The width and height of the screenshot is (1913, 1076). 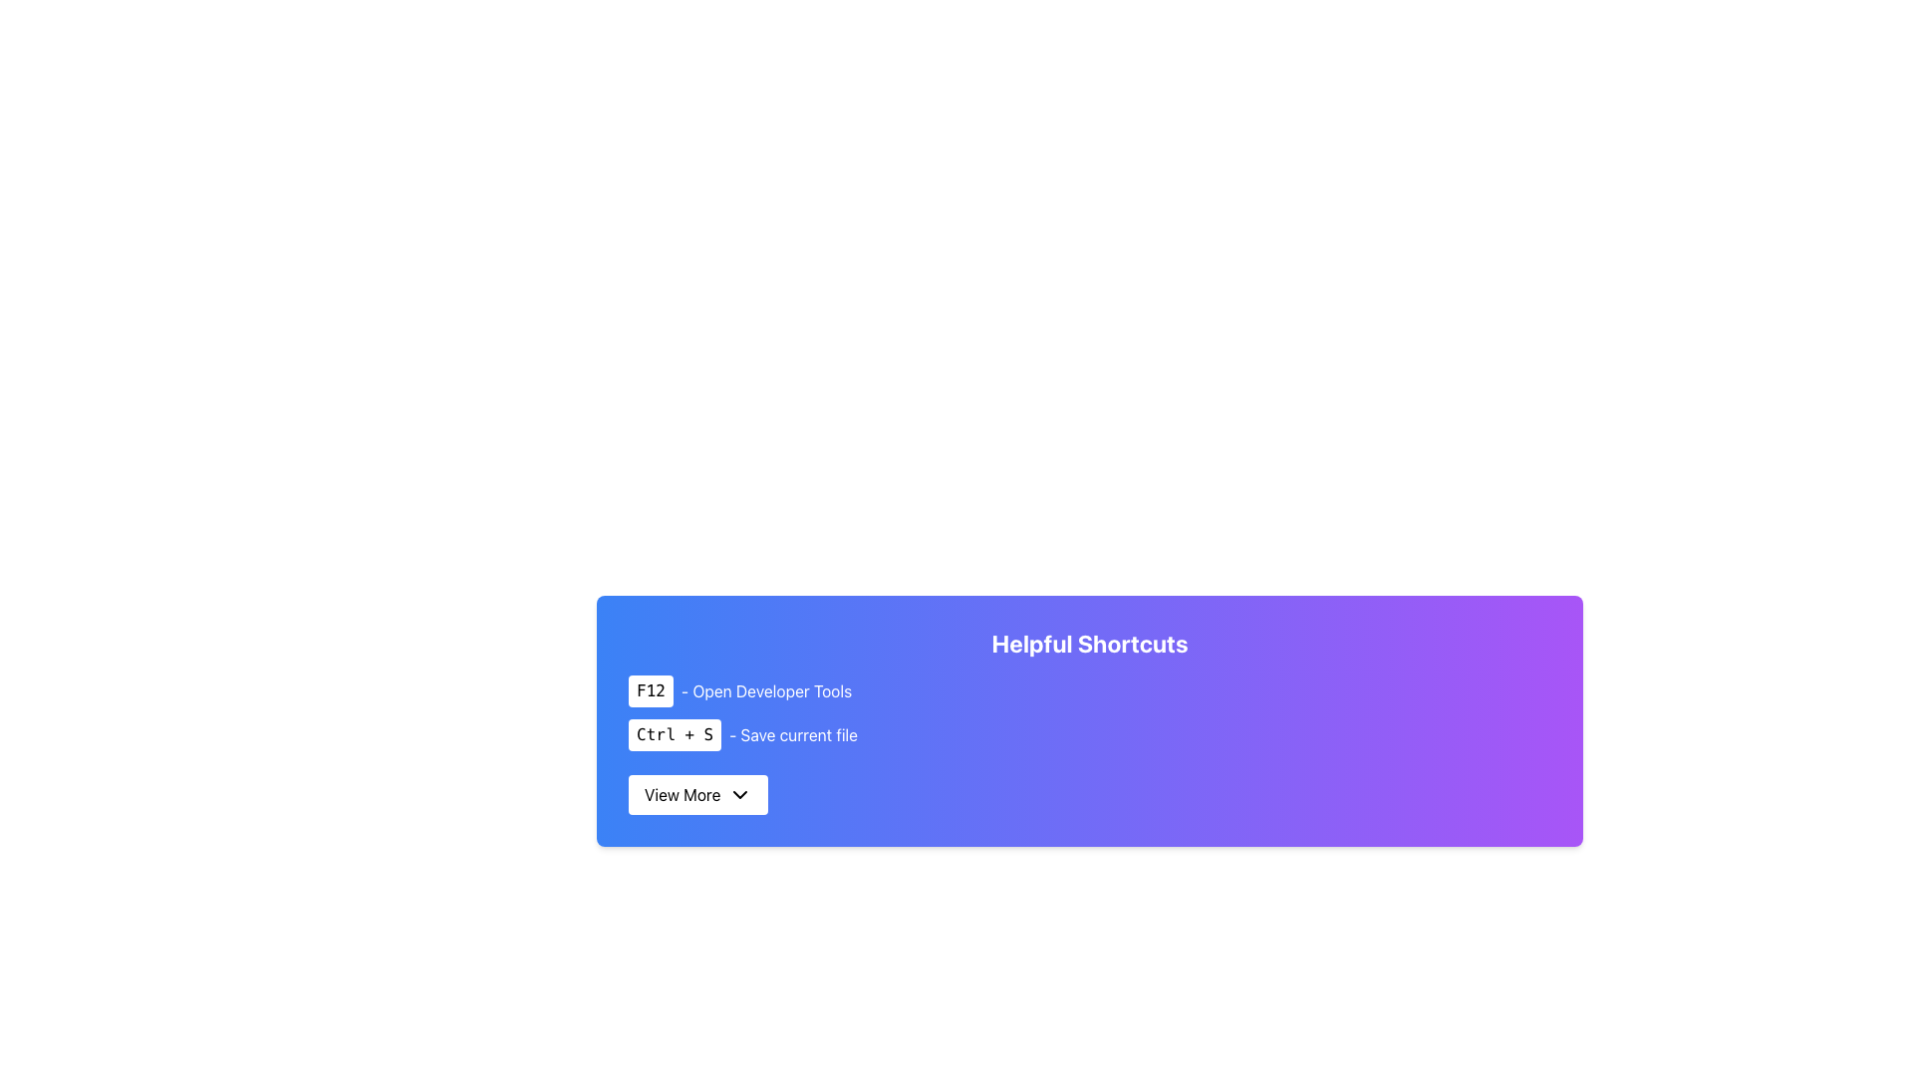 I want to click on the text '- Save current file' located immediately after 'Ctrl + S' in the keyboard shortcuts list on the 'Helpful Shortcuts' card, so click(x=792, y=734).